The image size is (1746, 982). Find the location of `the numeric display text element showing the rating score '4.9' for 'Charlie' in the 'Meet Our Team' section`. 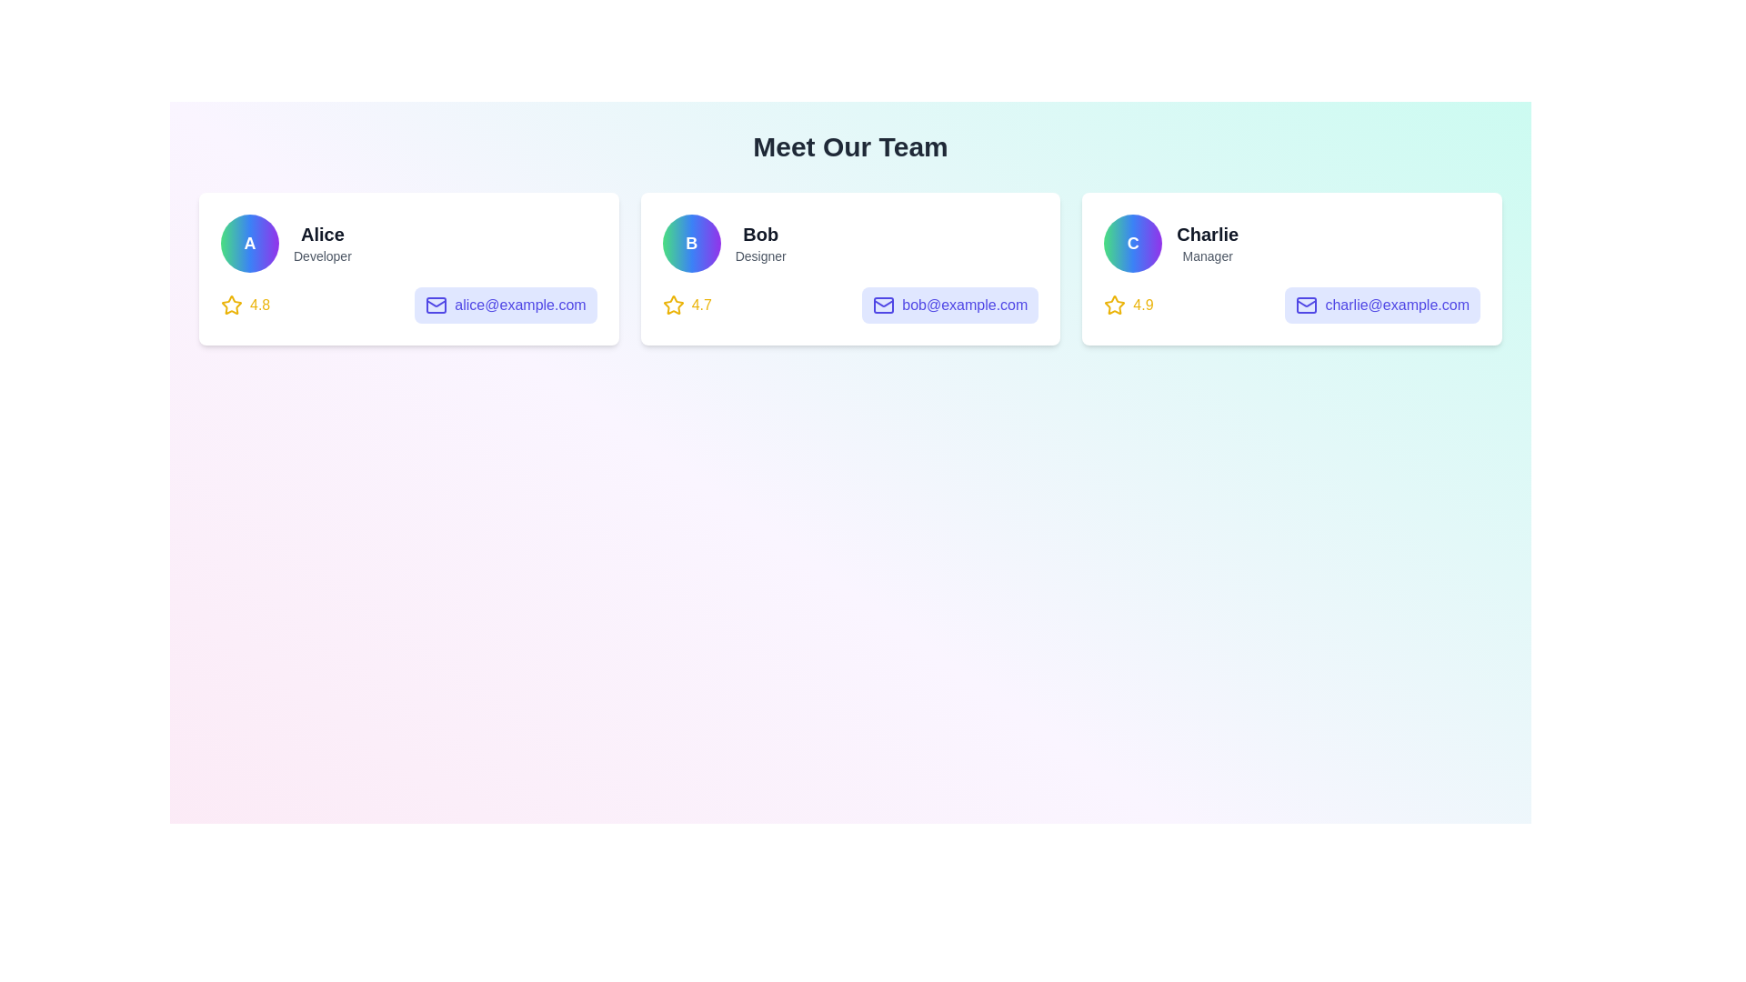

the numeric display text element showing the rating score '4.9' for 'Charlie' in the 'Meet Our Team' section is located at coordinates (1142, 304).